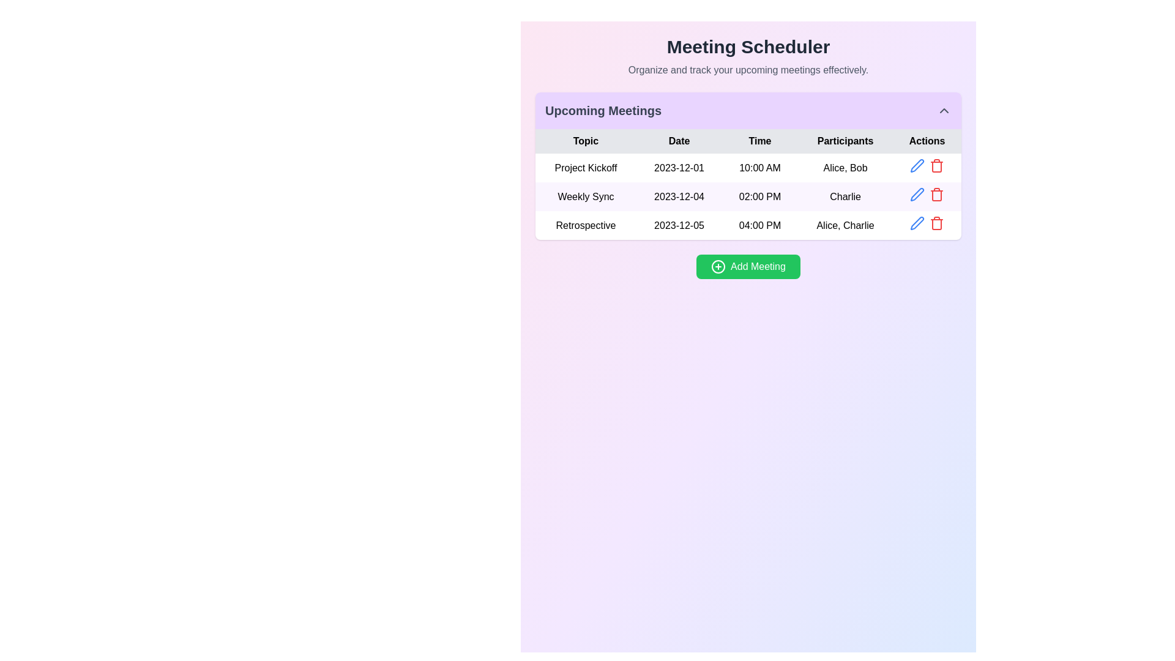 The height and width of the screenshot is (661, 1175). I want to click on the Table Header Cell displaying the text 'Topic', which is bold and centered in a light gray background, located at the upper-left side of the table before the headers 'Date', 'Time', 'Participants', and 'Actions', so click(585, 141).